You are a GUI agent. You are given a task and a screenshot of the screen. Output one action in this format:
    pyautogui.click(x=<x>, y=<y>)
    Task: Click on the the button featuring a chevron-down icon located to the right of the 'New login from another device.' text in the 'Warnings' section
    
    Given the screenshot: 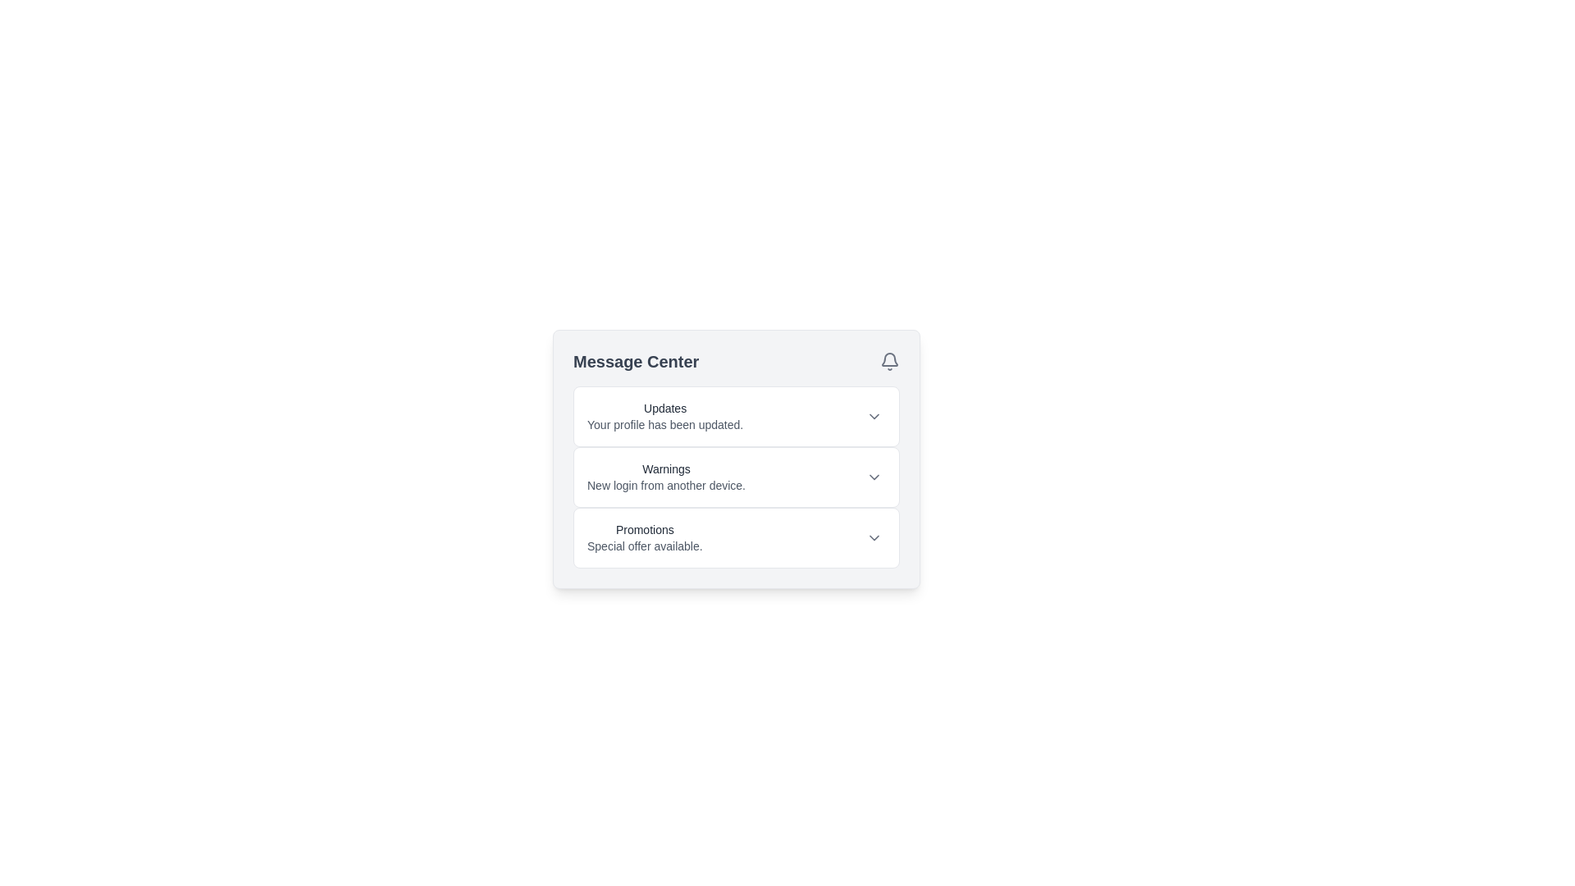 What is the action you would take?
    pyautogui.click(x=873, y=477)
    